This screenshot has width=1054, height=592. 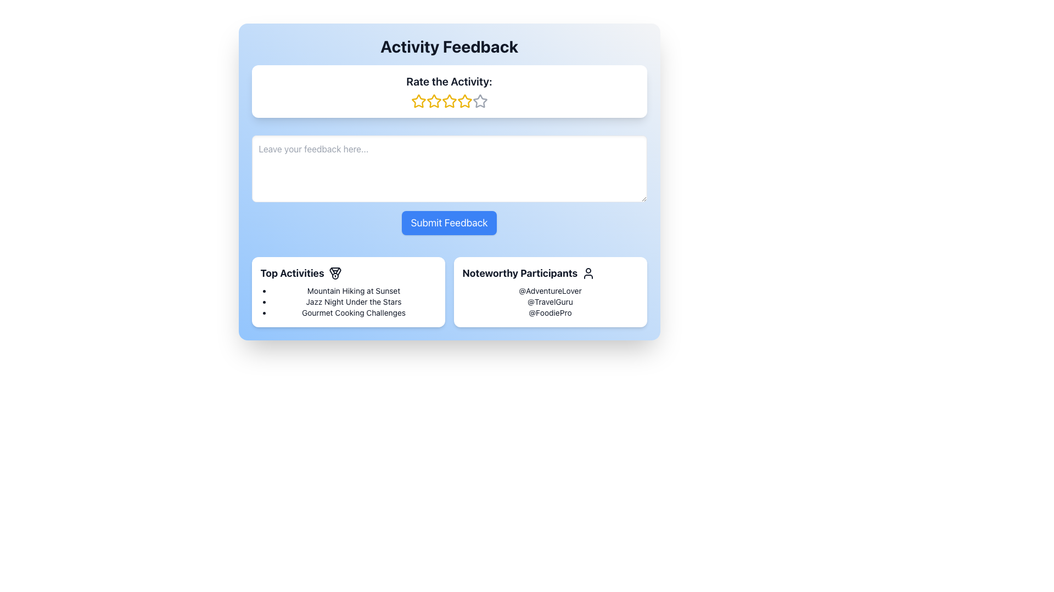 I want to click on username text label that is the third in the list of noteworthy participants, located in the bottom-right panel of the interface, directly below '@TravelGuru', so click(x=550, y=312).